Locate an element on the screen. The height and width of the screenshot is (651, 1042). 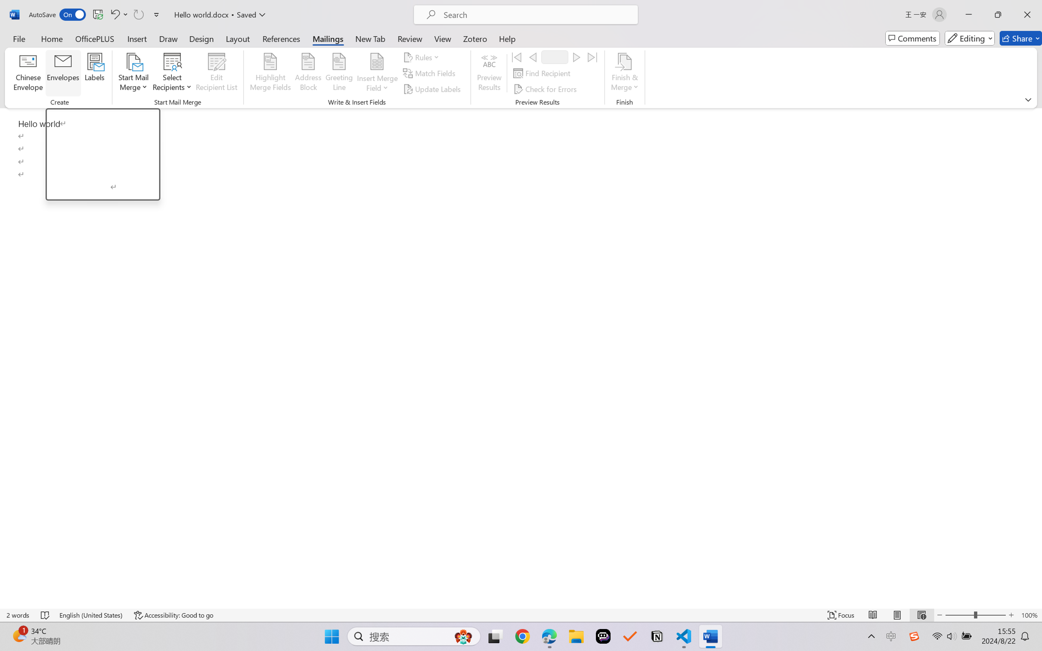
'New Tab' is located at coordinates (370, 38).